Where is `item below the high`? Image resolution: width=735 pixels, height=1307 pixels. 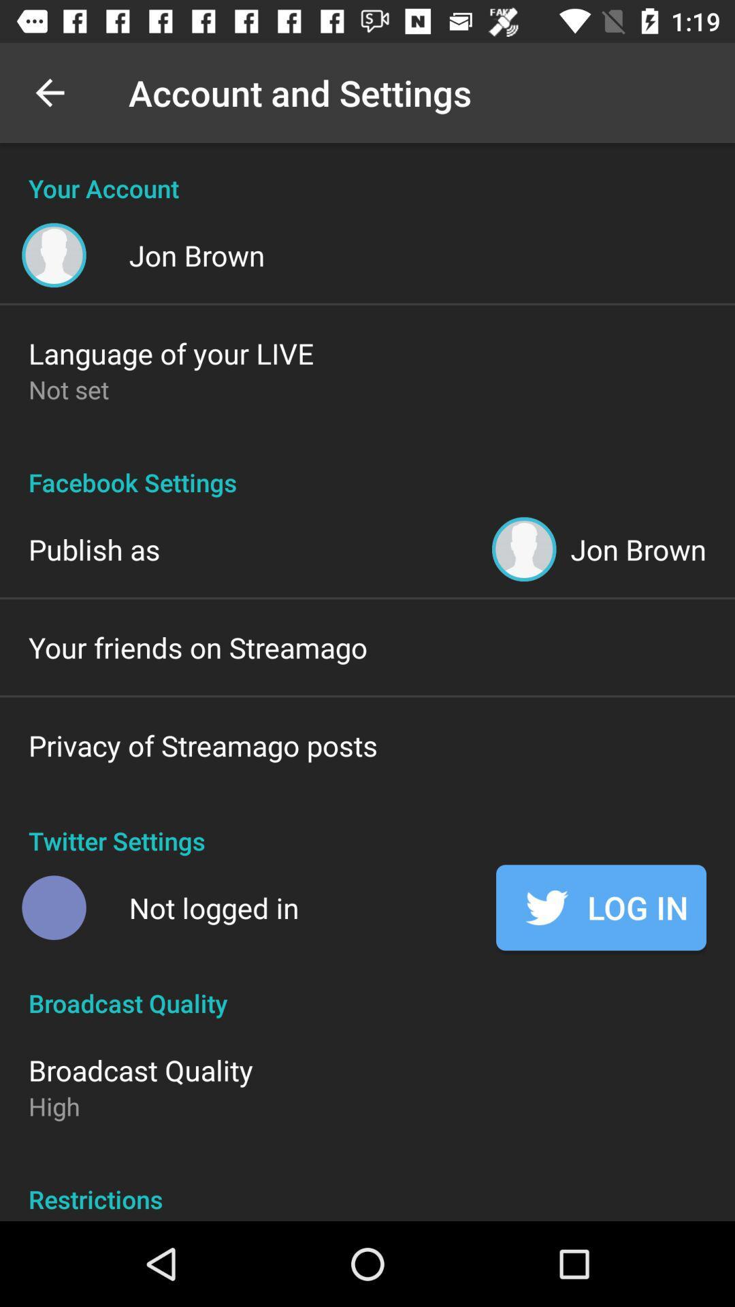
item below the high is located at coordinates (367, 1184).